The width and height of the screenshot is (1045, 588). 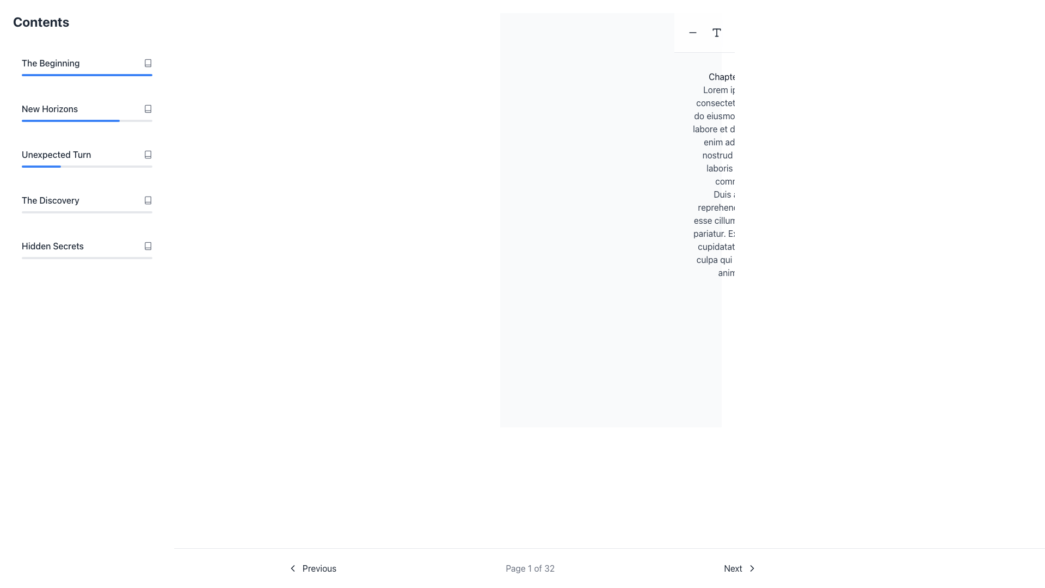 What do you see at coordinates (147, 63) in the screenshot?
I see `the small book icon outlined in dark gray, located next to the text 'The Beginning' and aligned vertically with it` at bounding box center [147, 63].